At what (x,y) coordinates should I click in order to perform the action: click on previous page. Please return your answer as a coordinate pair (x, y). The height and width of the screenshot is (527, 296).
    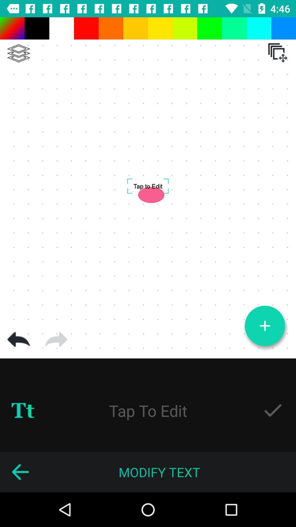
    Looking at the image, I should click on (20, 472).